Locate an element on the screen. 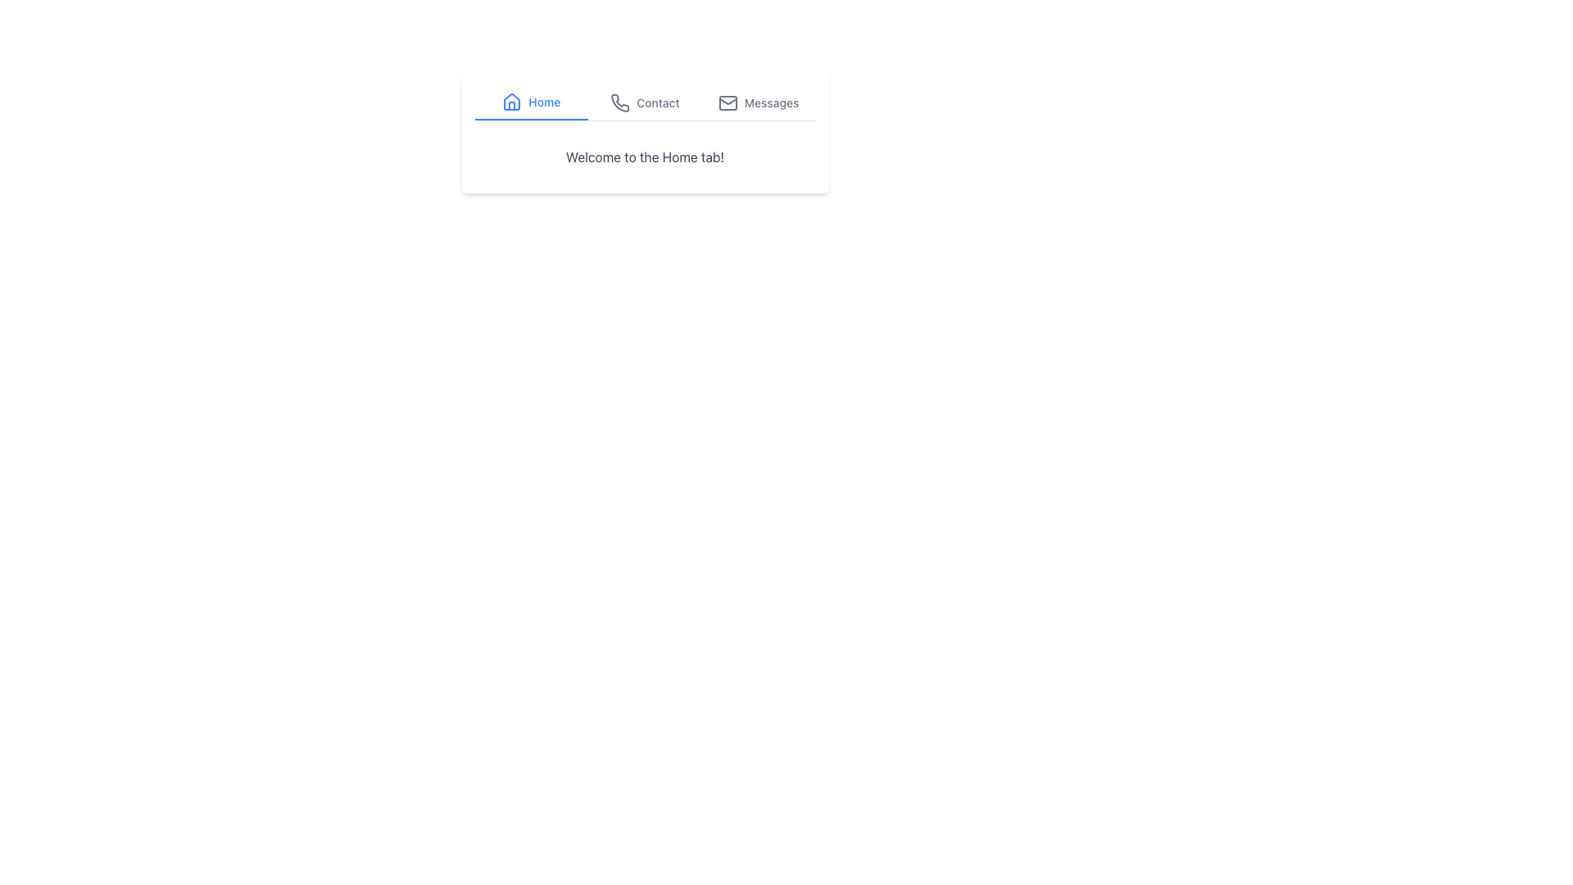 The width and height of the screenshot is (1573, 885). the envelope icon that is part of the 'Messages' navigation segment, which is styled with a minimalistic, outlined design is located at coordinates (727, 103).